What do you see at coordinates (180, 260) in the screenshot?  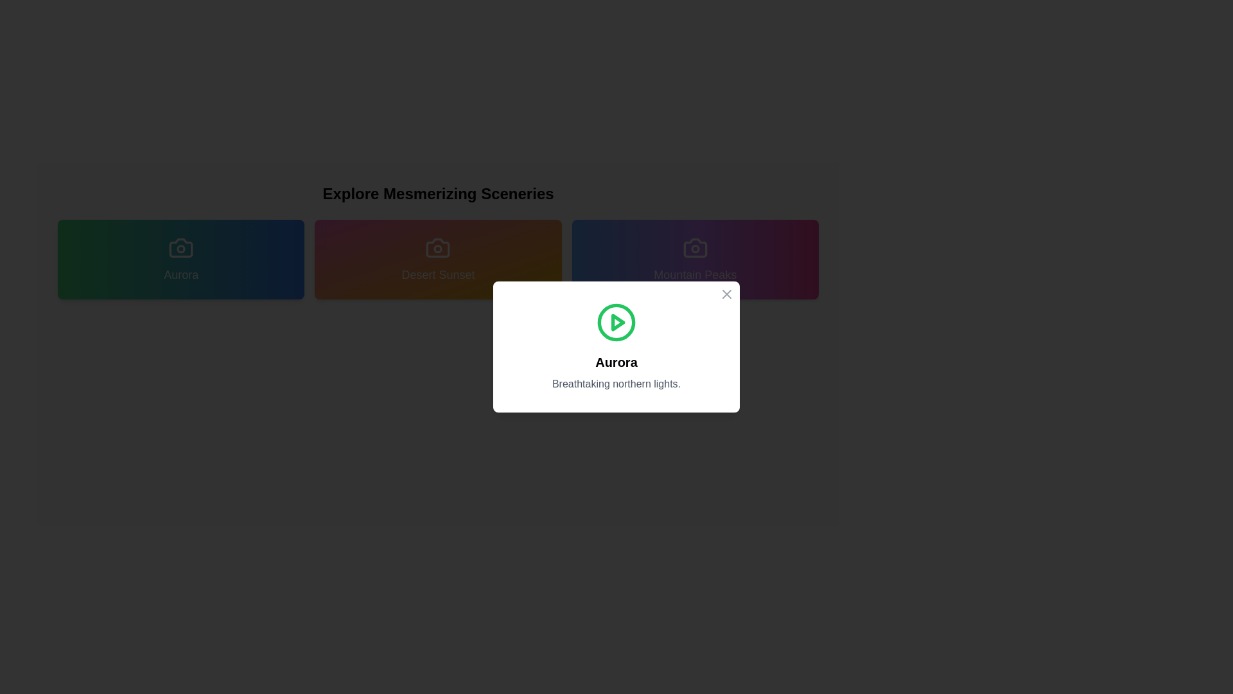 I see `the selectable option or category button for 'Aurora' to trigger a visual effect` at bounding box center [180, 260].